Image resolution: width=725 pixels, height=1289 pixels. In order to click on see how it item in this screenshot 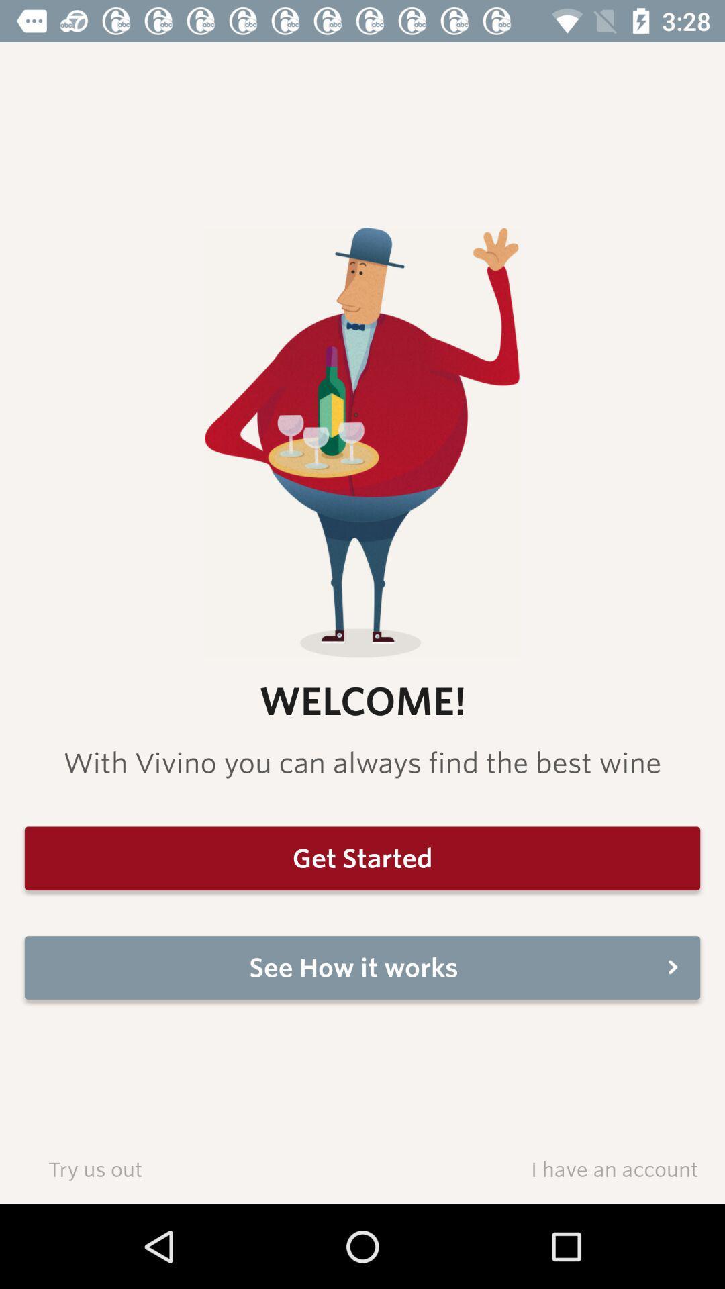, I will do `click(362, 967)`.